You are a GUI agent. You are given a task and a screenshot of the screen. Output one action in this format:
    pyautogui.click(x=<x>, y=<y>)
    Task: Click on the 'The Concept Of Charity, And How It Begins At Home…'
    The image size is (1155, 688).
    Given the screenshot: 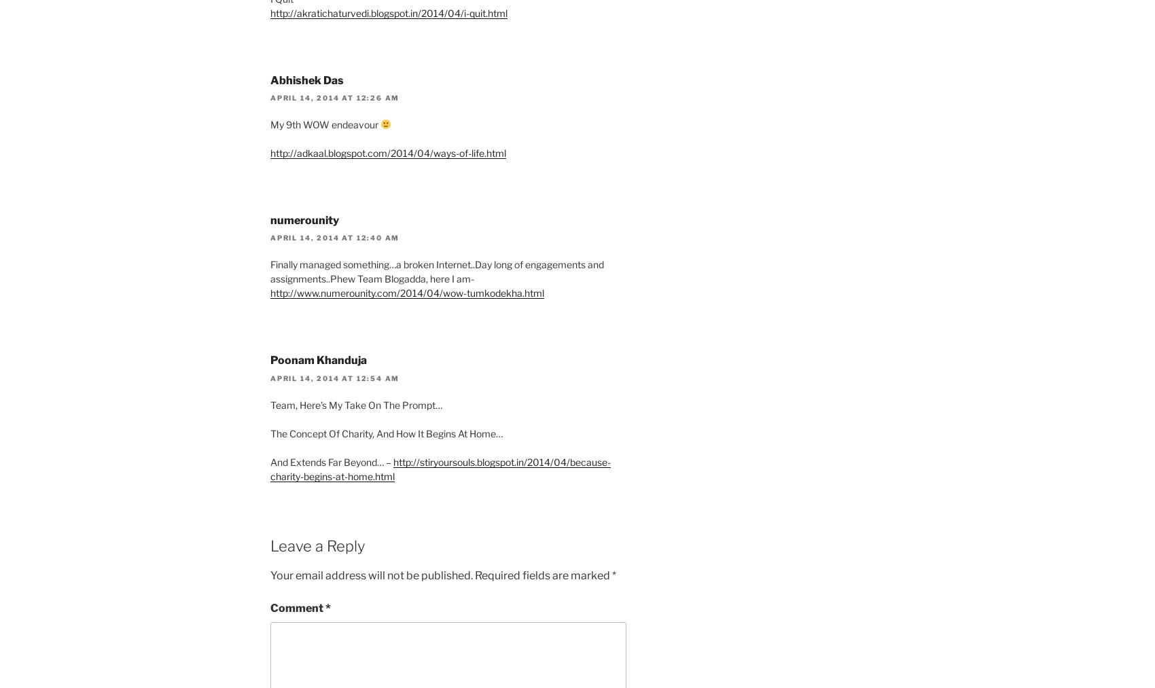 What is the action you would take?
    pyautogui.click(x=385, y=432)
    